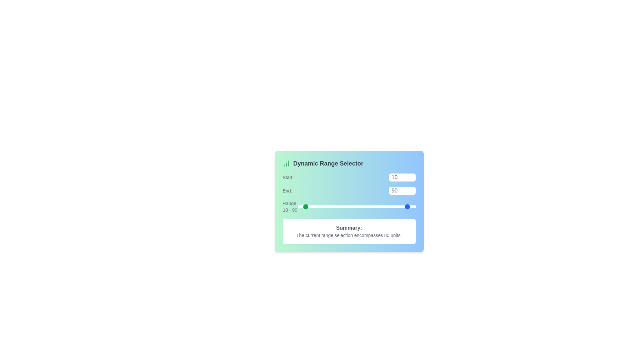 This screenshot has height=359, width=638. What do you see at coordinates (397, 206) in the screenshot?
I see `the 'End' slider to set the range end value to 69` at bounding box center [397, 206].